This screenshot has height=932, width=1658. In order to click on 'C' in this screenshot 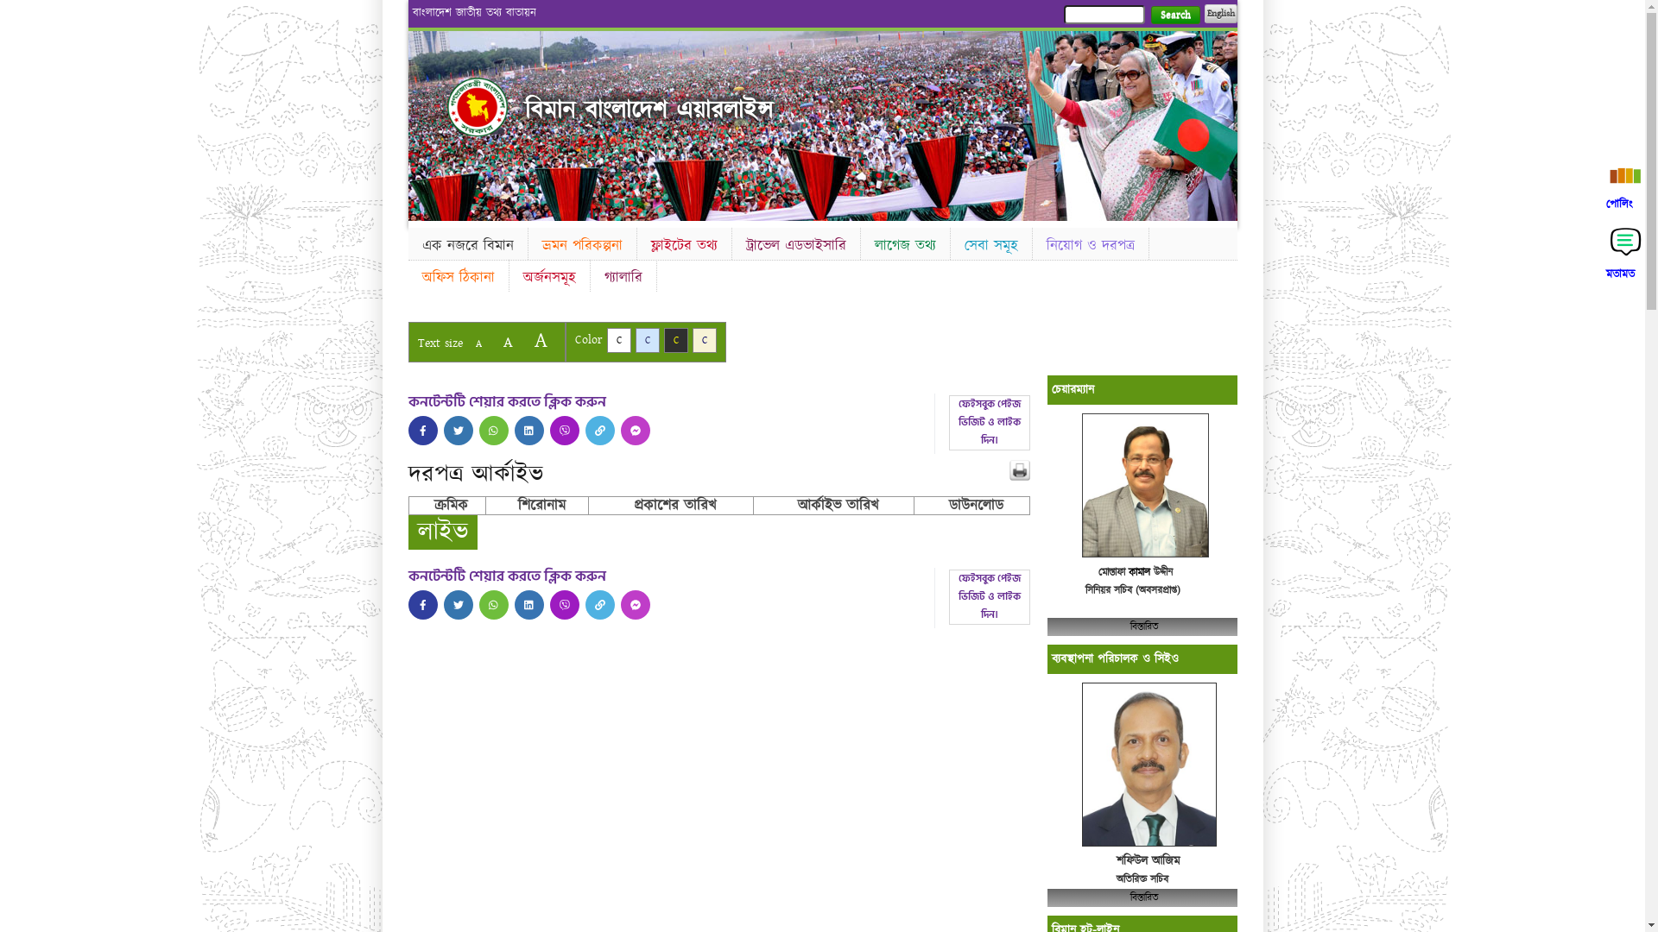, I will do `click(674, 340)`.